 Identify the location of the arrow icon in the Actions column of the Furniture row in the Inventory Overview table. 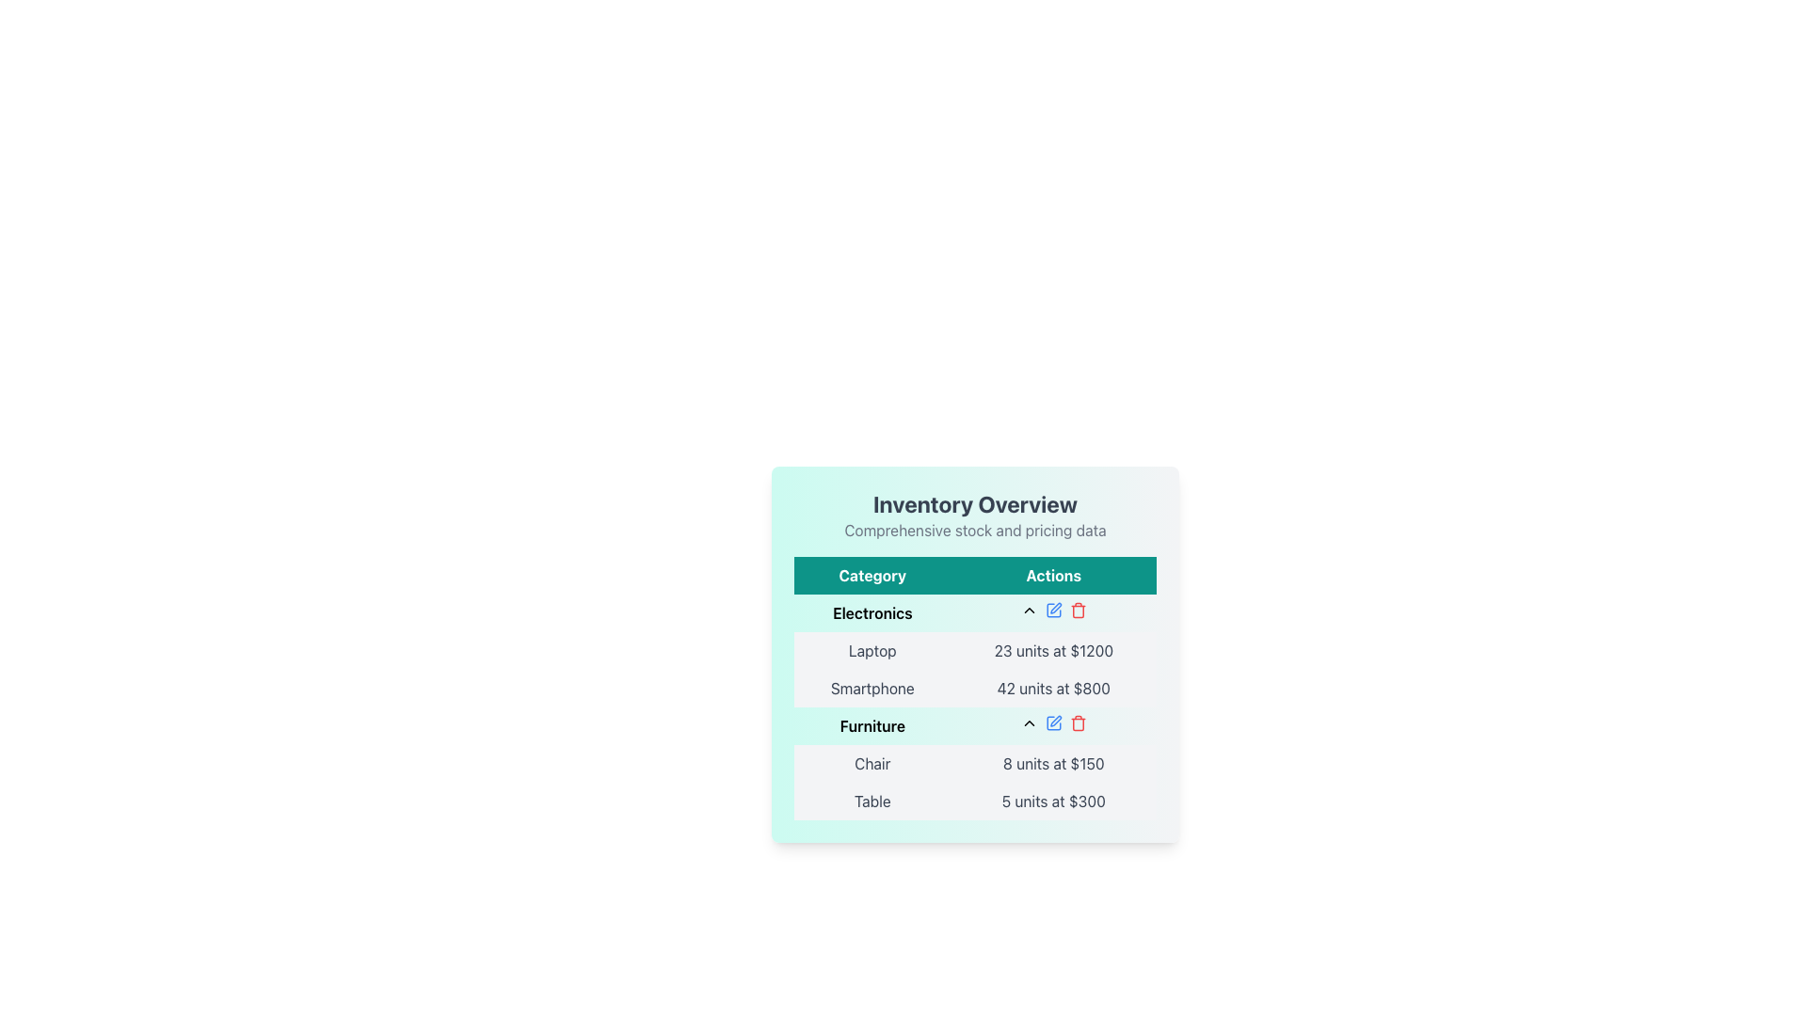
(1052, 722).